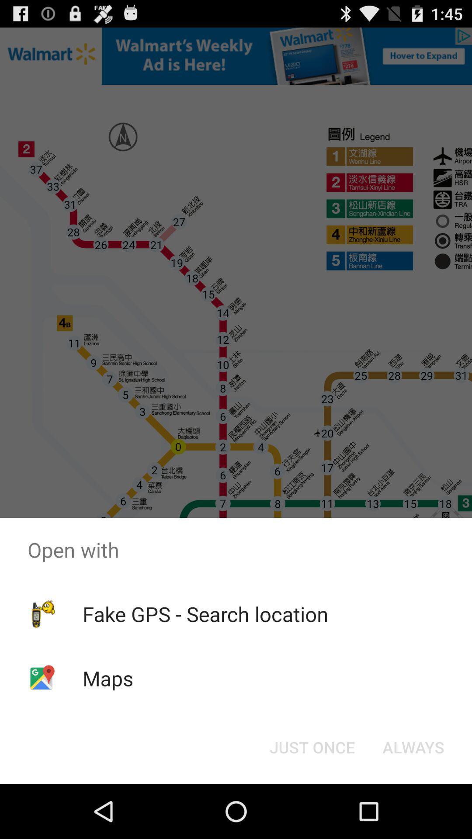 This screenshot has height=839, width=472. What do you see at coordinates (413, 746) in the screenshot?
I see `item to the right of the just once item` at bounding box center [413, 746].